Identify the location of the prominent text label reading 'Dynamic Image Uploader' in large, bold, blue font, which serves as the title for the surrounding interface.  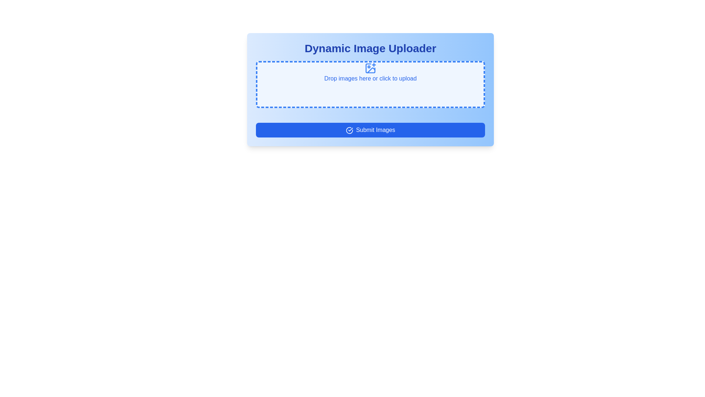
(370, 48).